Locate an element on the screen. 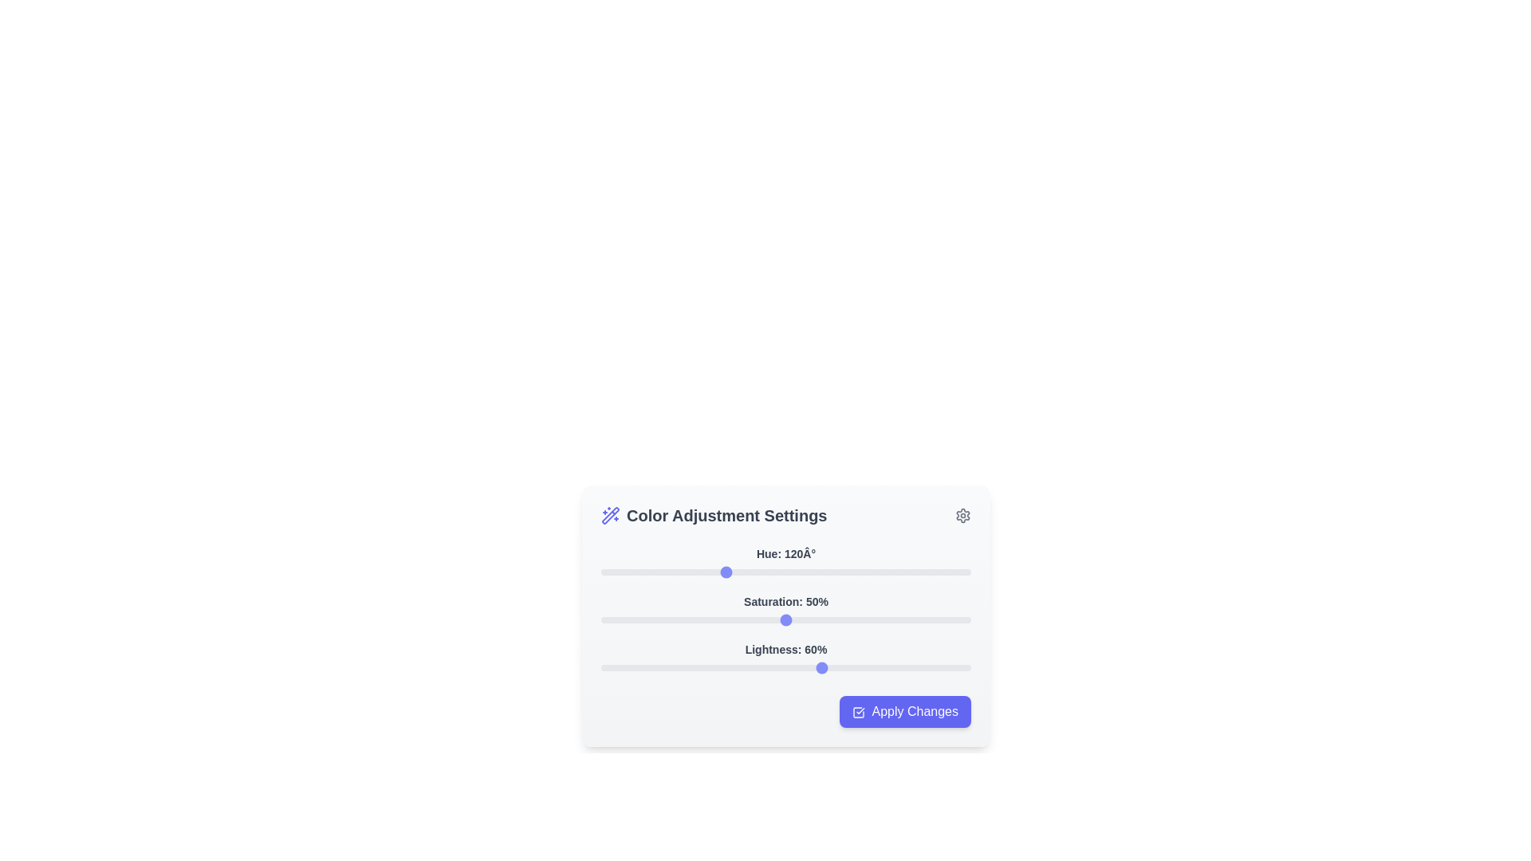  hue is located at coordinates (624, 571).